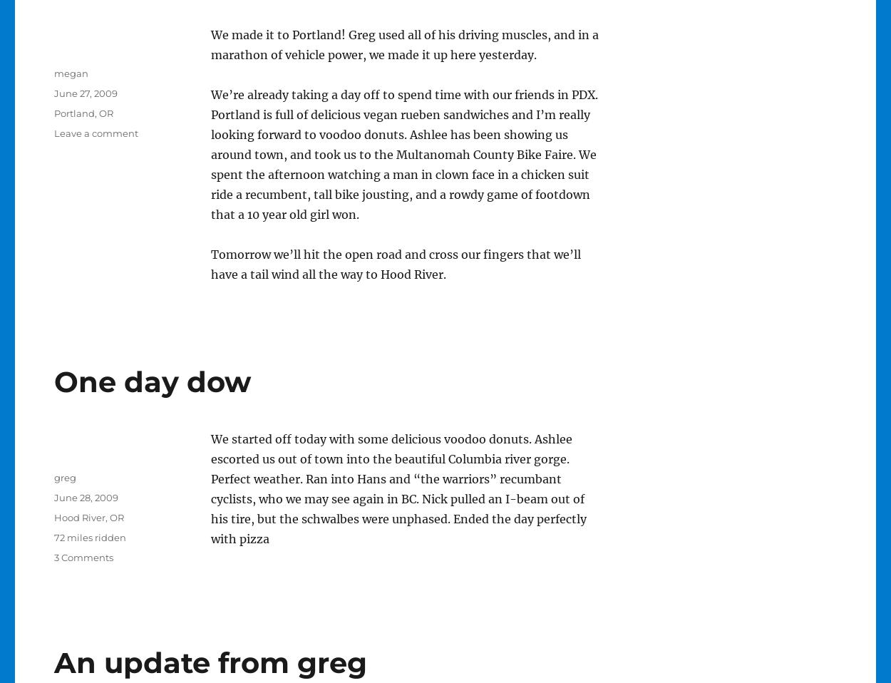 This screenshot has height=683, width=891. What do you see at coordinates (395, 264) in the screenshot?
I see `'Tomorrow we’ll hit the open road and cross our fingers that we’ll have a tail wind all the way to Hood River.'` at bounding box center [395, 264].